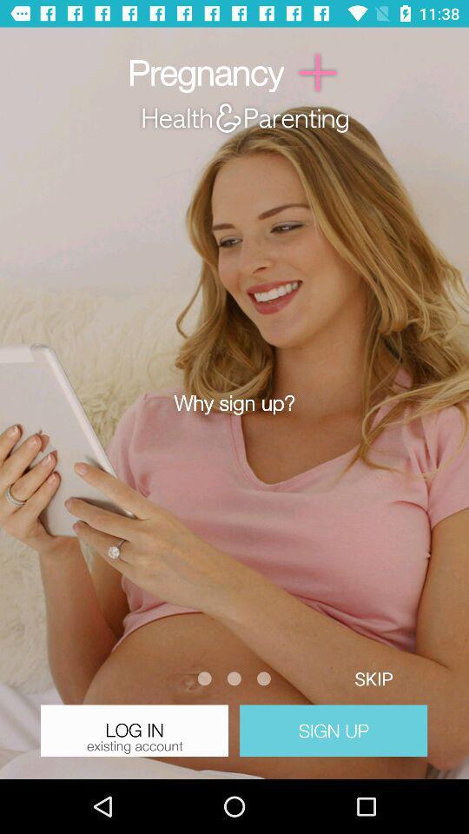 The width and height of the screenshot is (469, 834). What do you see at coordinates (373, 678) in the screenshot?
I see `skip button` at bounding box center [373, 678].